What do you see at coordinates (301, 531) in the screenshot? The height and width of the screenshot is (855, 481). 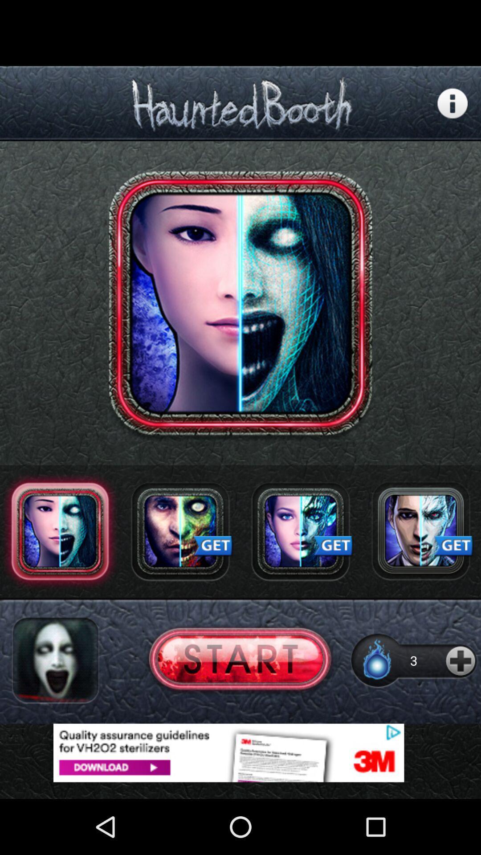 I see `get selected frame` at bounding box center [301, 531].